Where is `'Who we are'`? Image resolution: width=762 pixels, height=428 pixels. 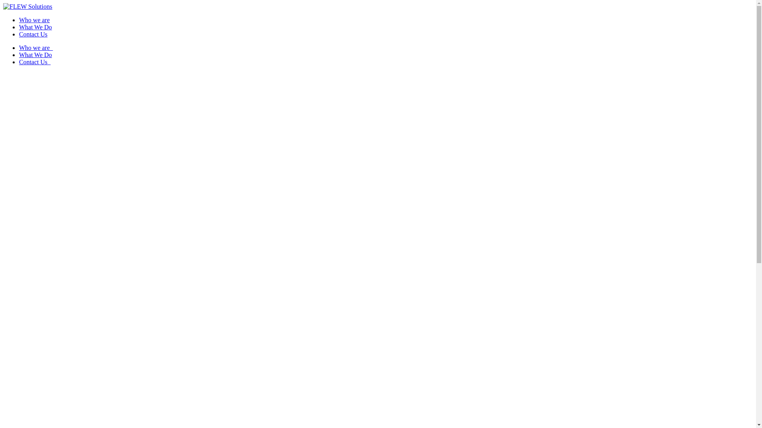
'Who we are' is located at coordinates (19, 19).